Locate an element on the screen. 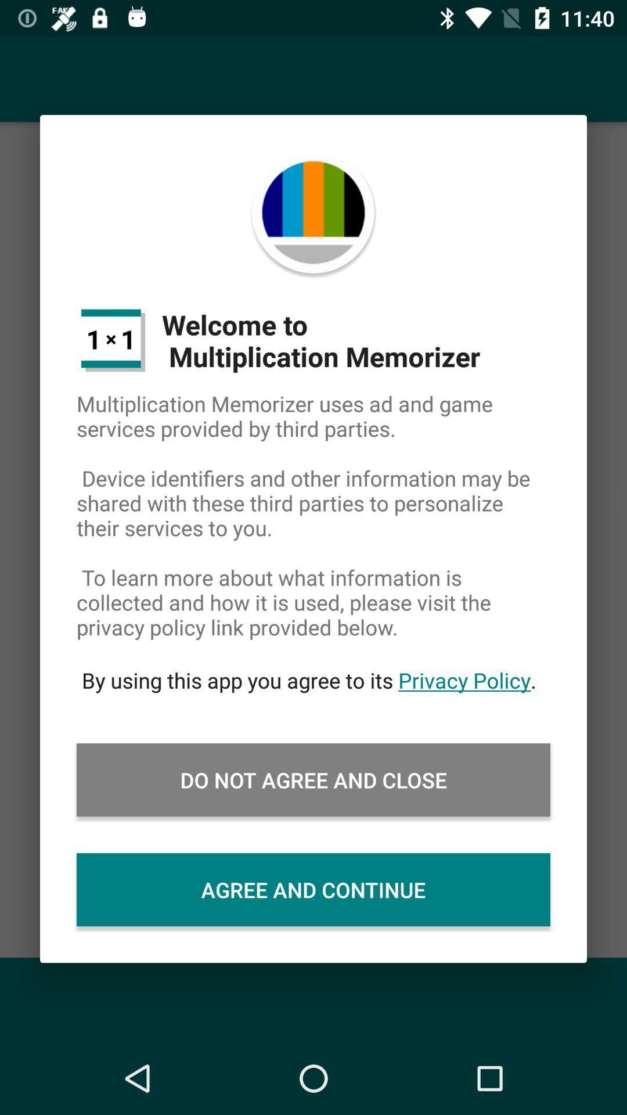 Image resolution: width=627 pixels, height=1115 pixels. by using this icon is located at coordinates (313, 680).